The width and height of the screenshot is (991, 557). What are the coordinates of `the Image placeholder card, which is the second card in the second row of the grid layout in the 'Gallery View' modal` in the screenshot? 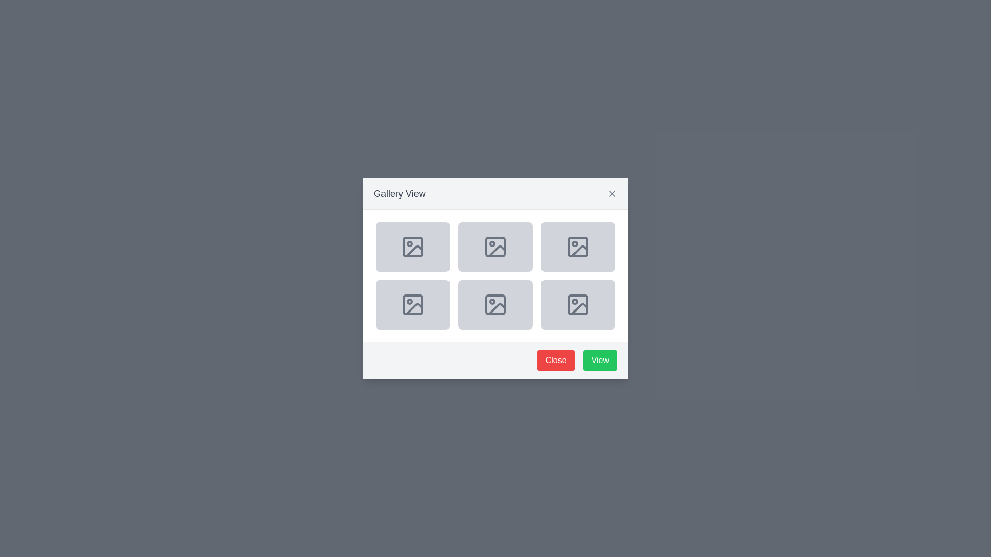 It's located at (495, 247).